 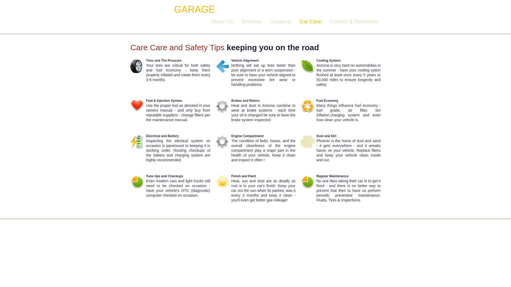 I want to click on 'Car Care', so click(x=310, y=21).